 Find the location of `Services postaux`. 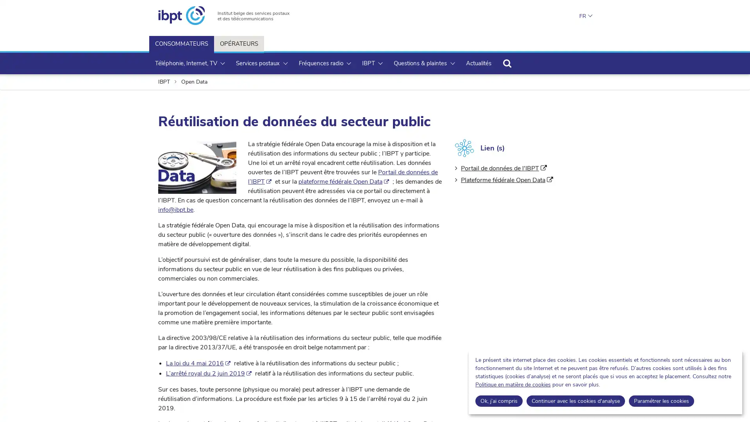

Services postaux is located at coordinates (261, 63).